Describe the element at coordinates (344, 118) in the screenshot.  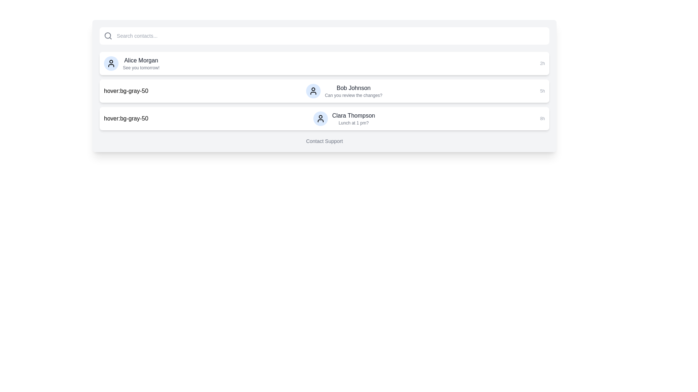
I see `the message preview for 'Clara Thompson'` at that location.